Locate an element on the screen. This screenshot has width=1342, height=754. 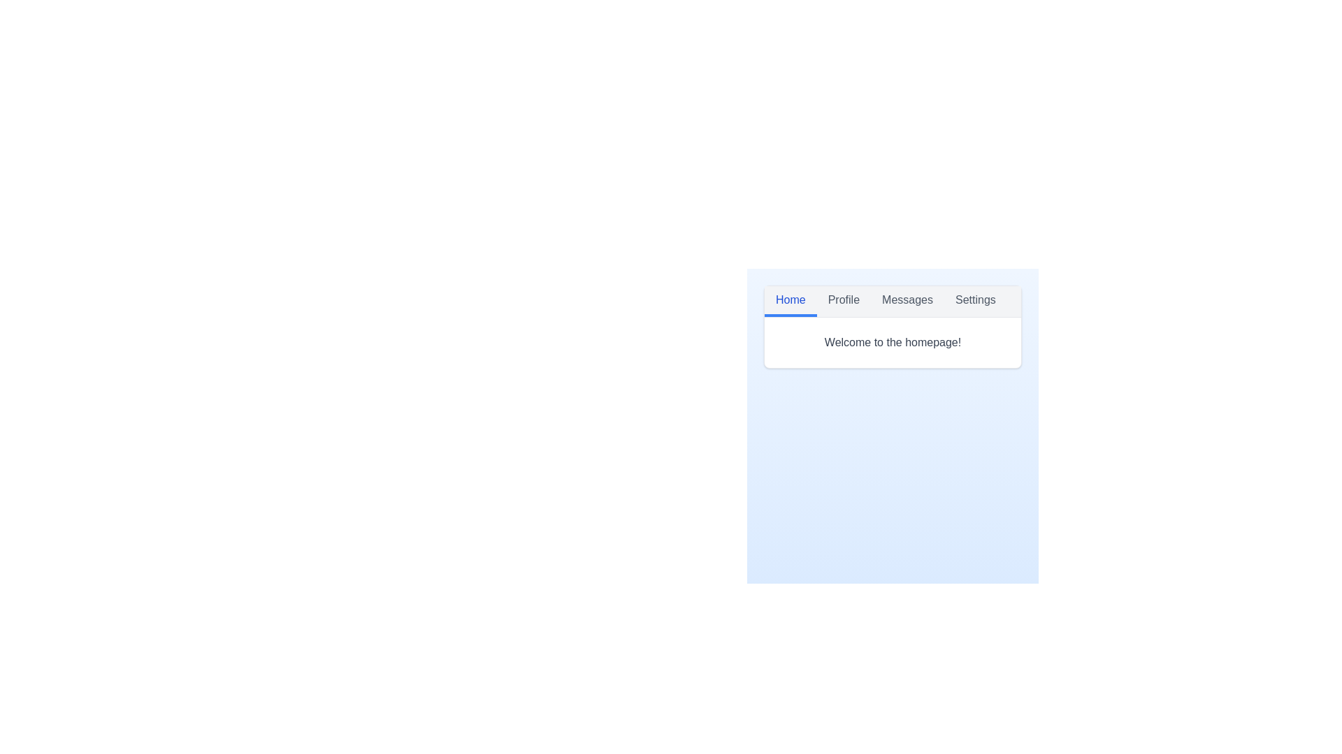
the 'Home' navigation tab in the horizontal navigation bar is located at coordinates (791, 301).